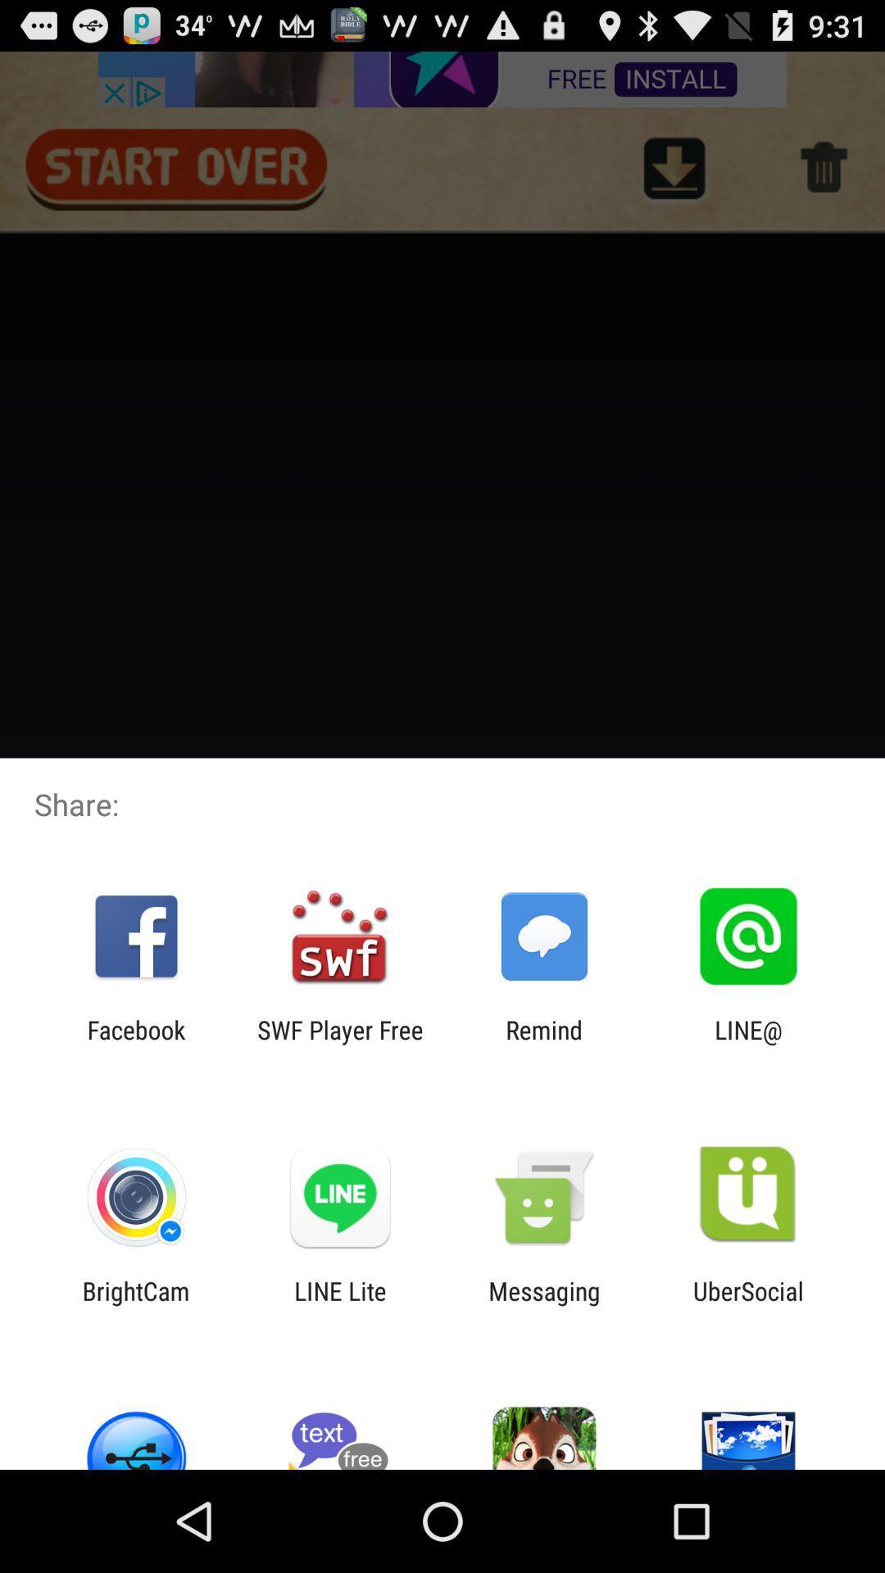 This screenshot has width=885, height=1573. What do you see at coordinates (135, 1044) in the screenshot?
I see `app to the left of the swf player free` at bounding box center [135, 1044].